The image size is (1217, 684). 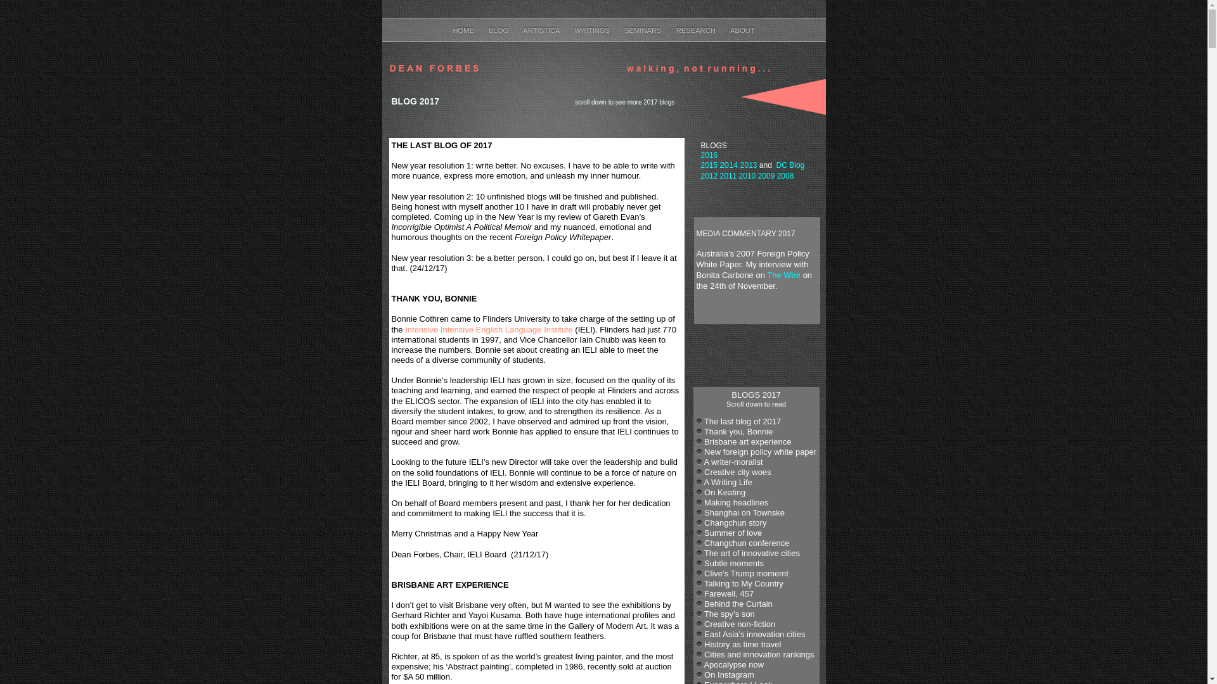 I want to click on 'ARTISTICA', so click(x=523, y=29).